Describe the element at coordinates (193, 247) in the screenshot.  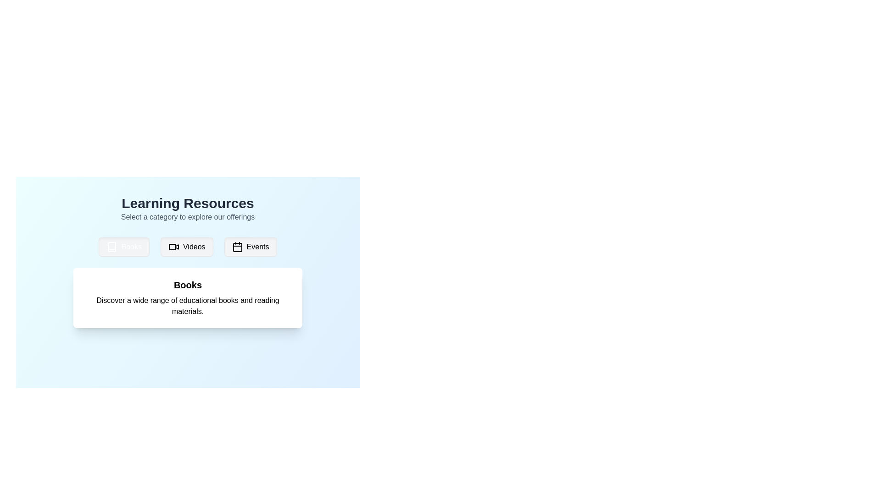
I see `the 'Videos' button, which is the second button in the row labeled 'Books', 'Videos', and 'Events'` at that location.